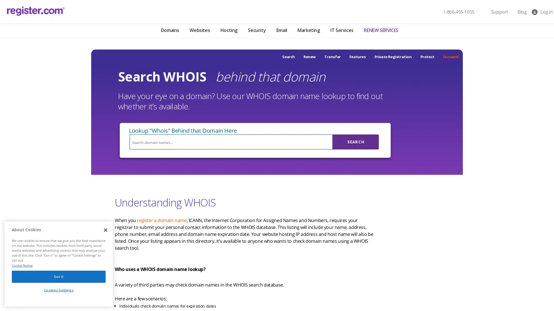 The height and width of the screenshot is (311, 554). What do you see at coordinates (355, 142) in the screenshot?
I see `Search` at bounding box center [355, 142].